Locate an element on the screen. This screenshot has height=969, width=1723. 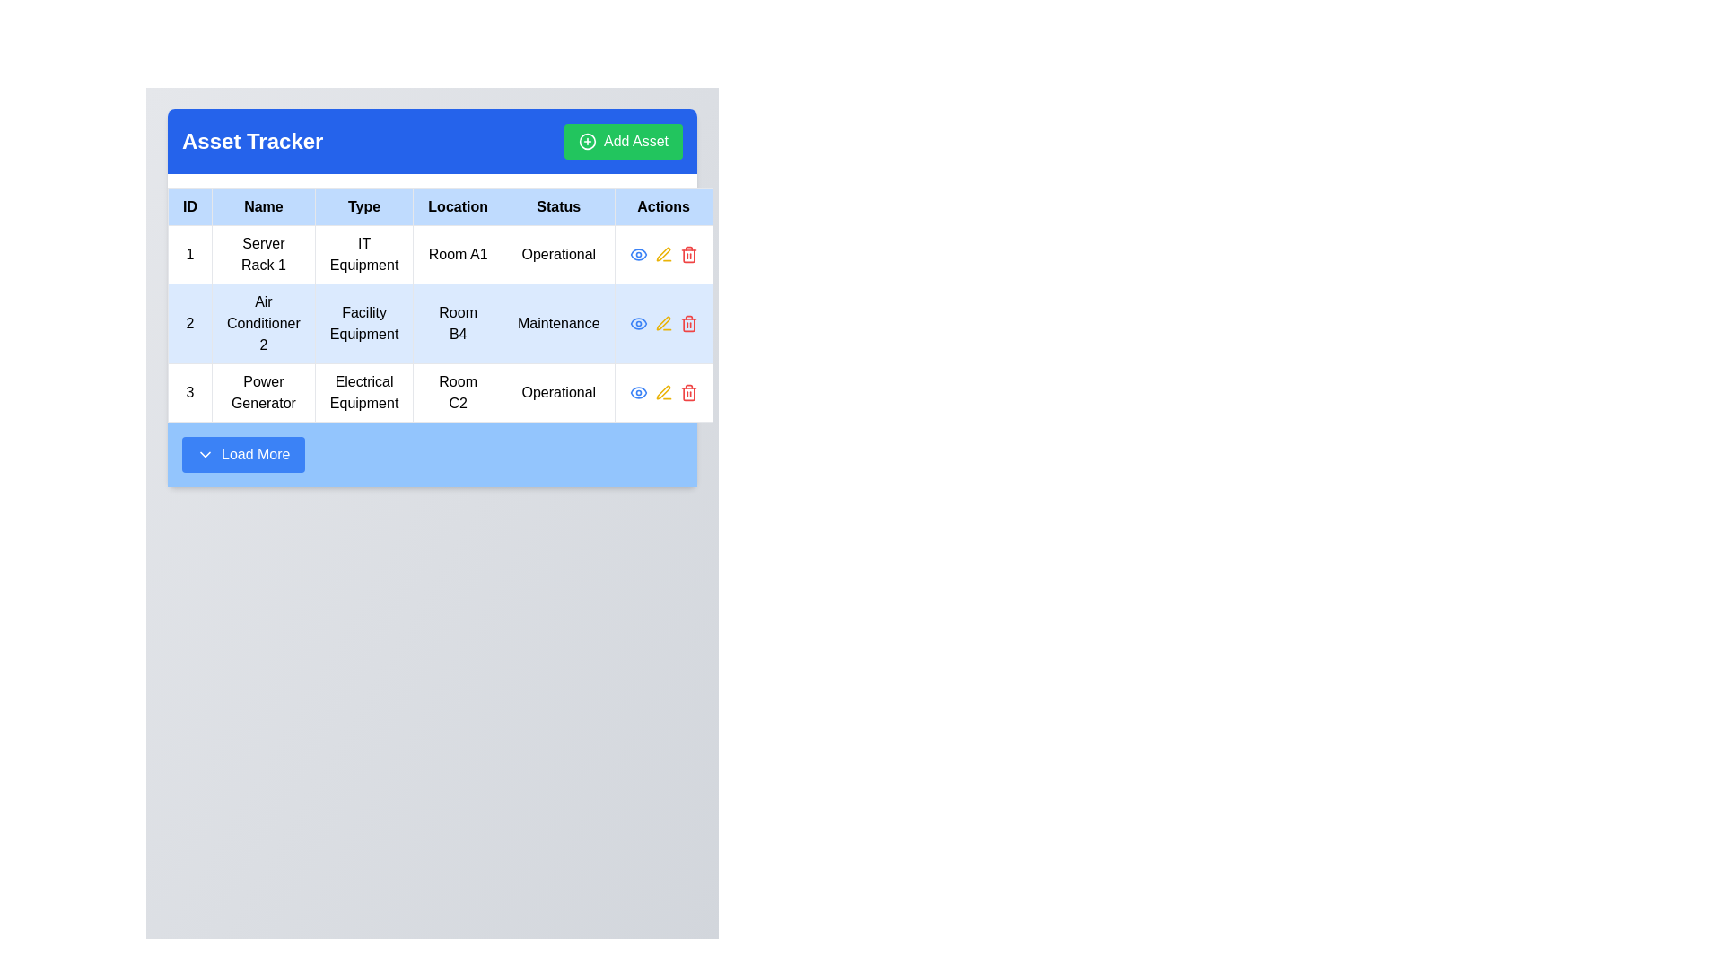
the yellow pencil icon in the 'Actions' column of the first row for the item labeled 'Server Rack 1' is located at coordinates (662, 255).